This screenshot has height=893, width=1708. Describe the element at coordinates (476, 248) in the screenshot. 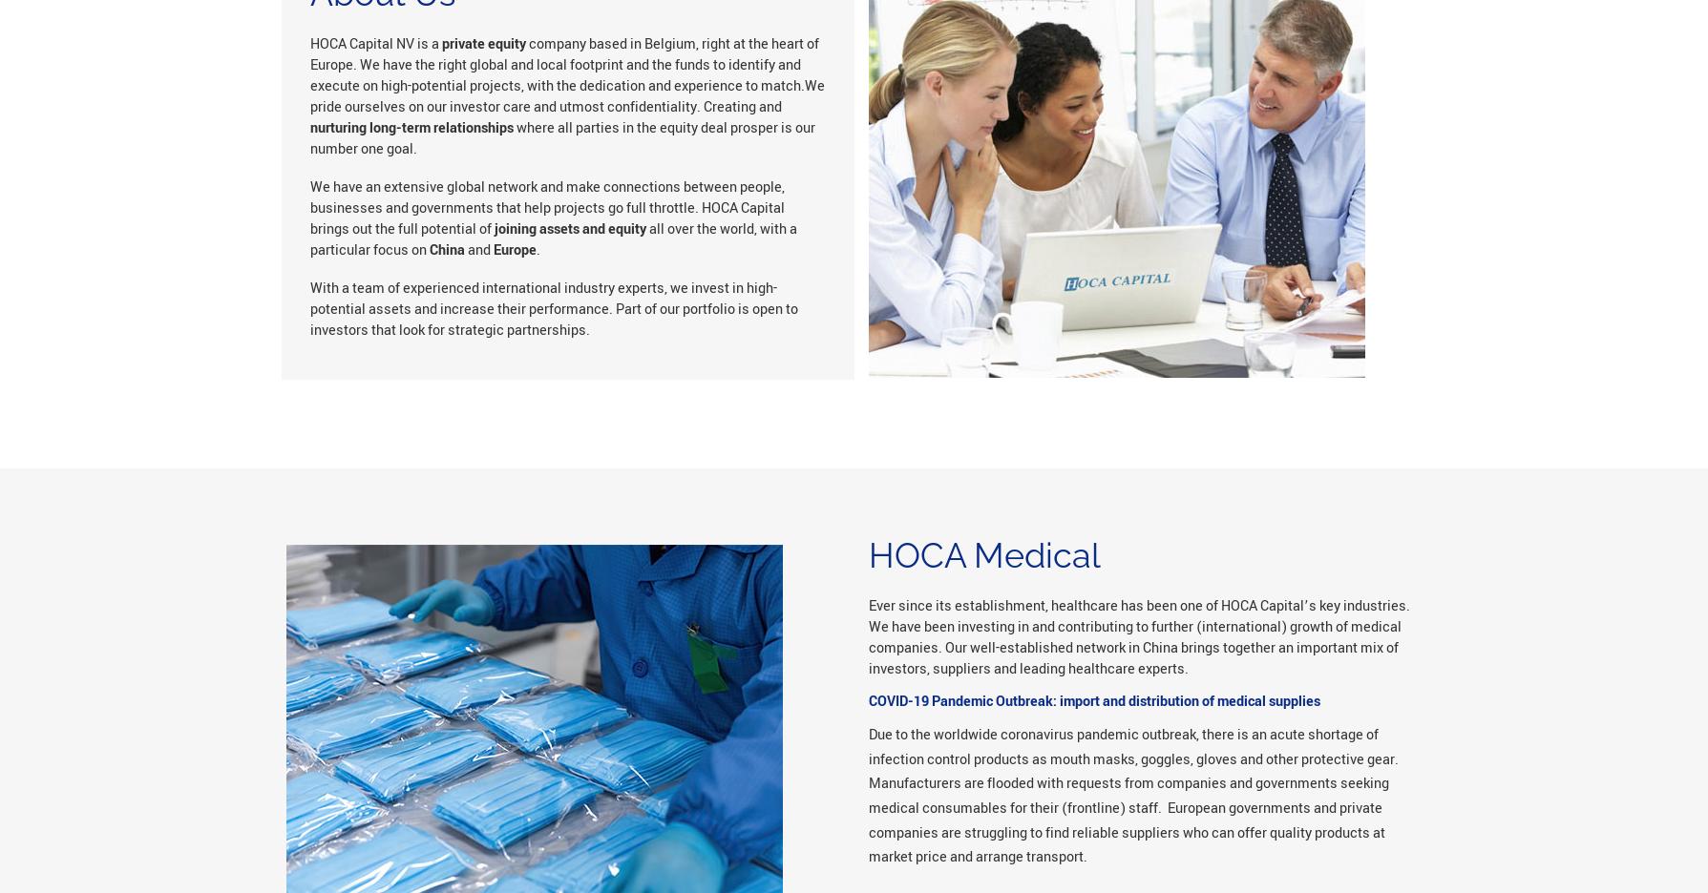

I see `'and'` at that location.